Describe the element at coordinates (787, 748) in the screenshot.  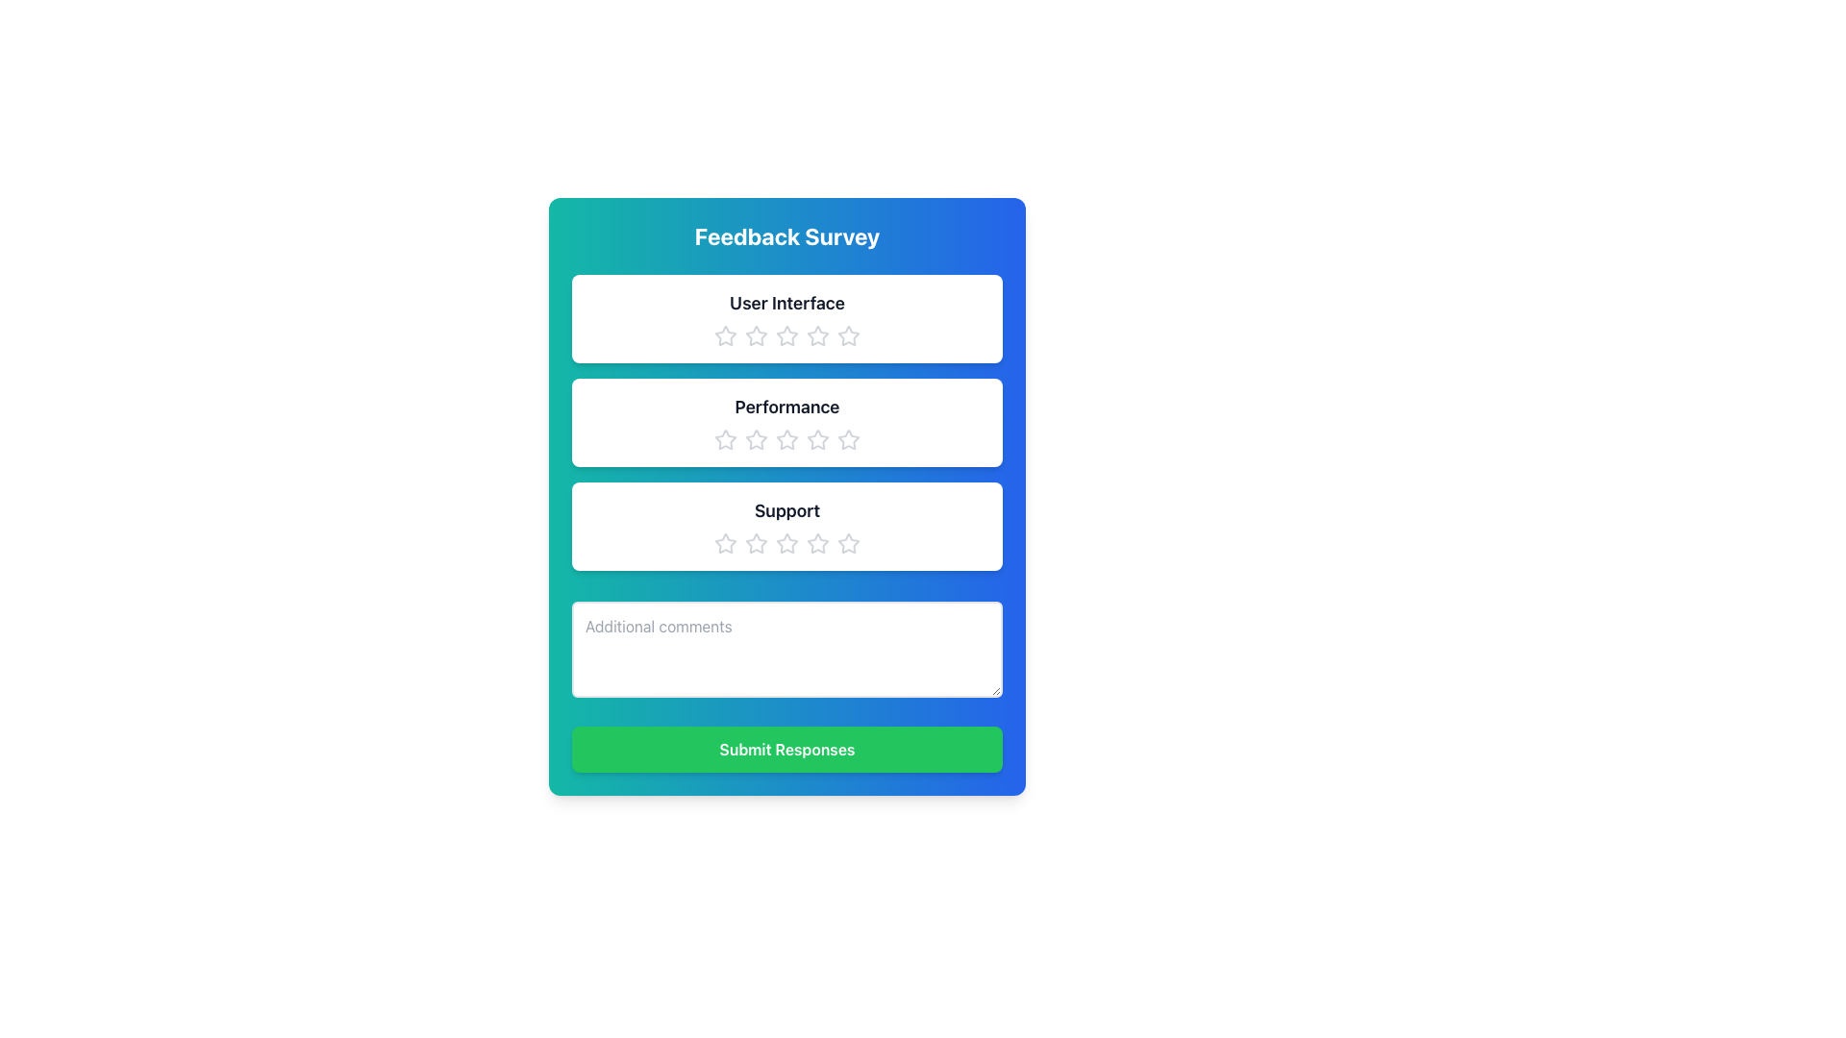
I see `the green rectangular button with rounded corners labeled 'Submit Responses' at the bottom of the card` at that location.